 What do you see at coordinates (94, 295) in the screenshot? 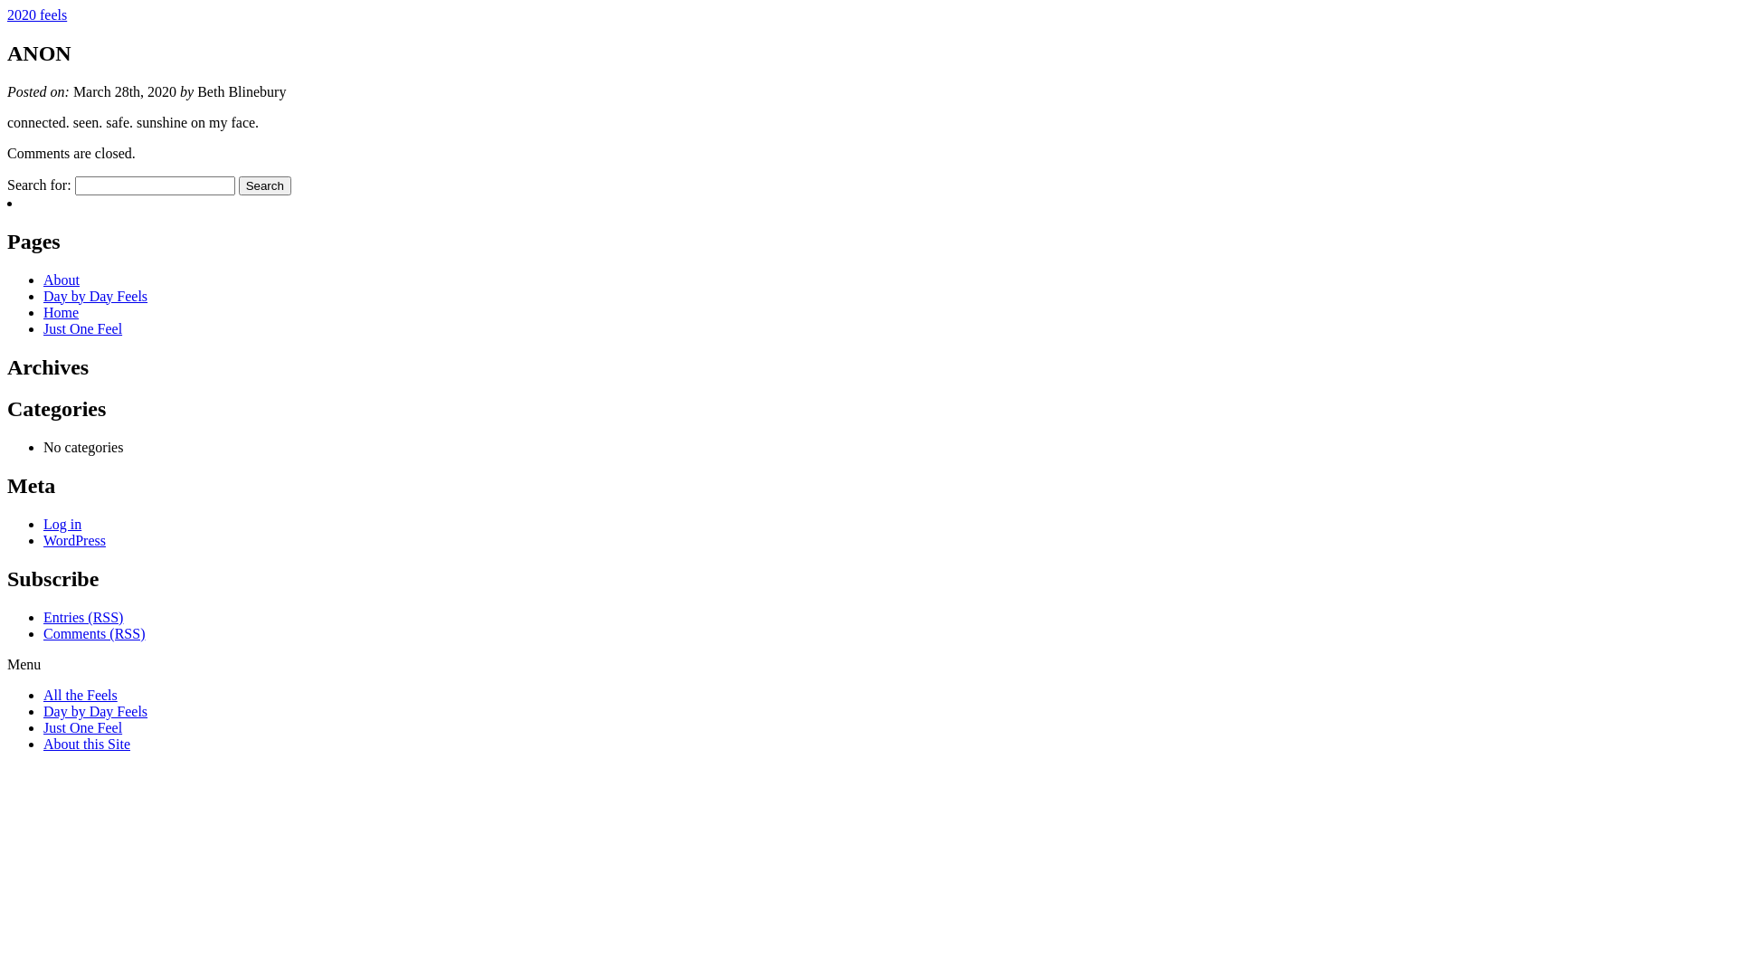
I see `'Day by Day Feels'` at bounding box center [94, 295].